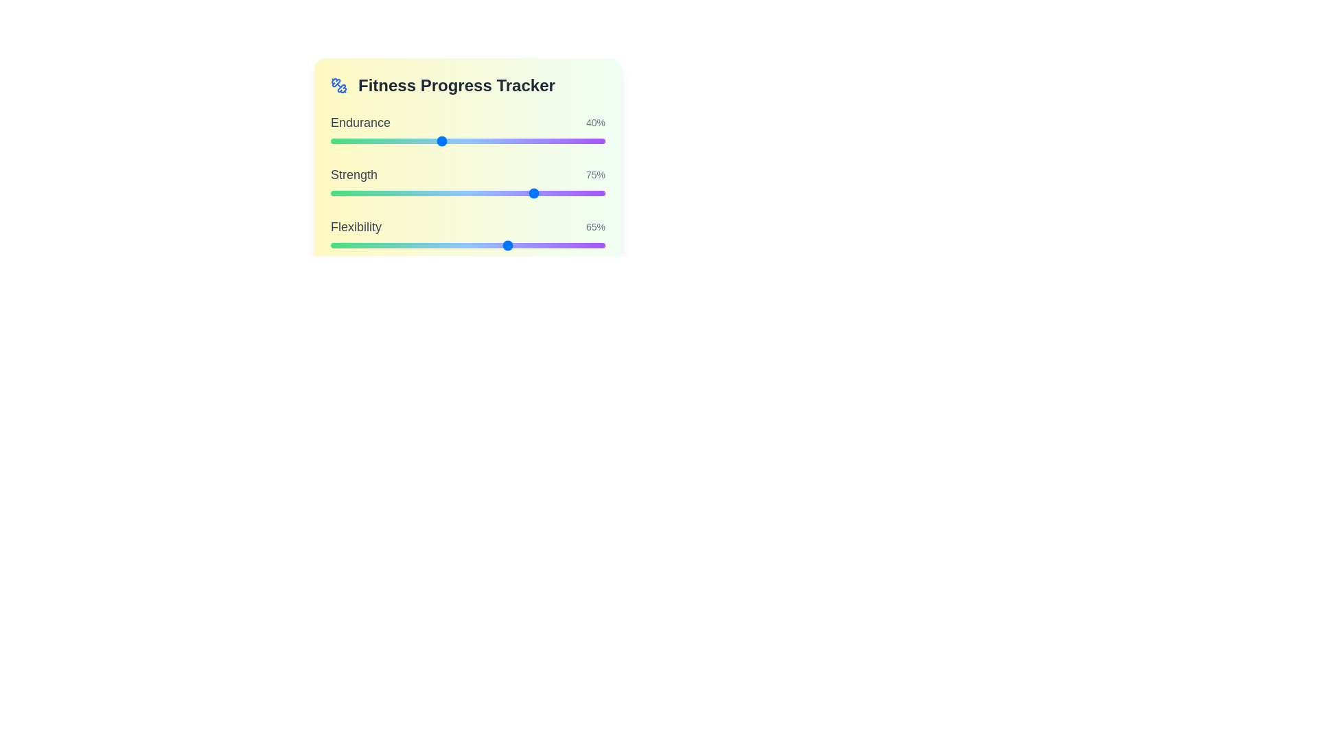 The width and height of the screenshot is (1318, 741). What do you see at coordinates (342, 245) in the screenshot?
I see `flexibility percentage` at bounding box center [342, 245].